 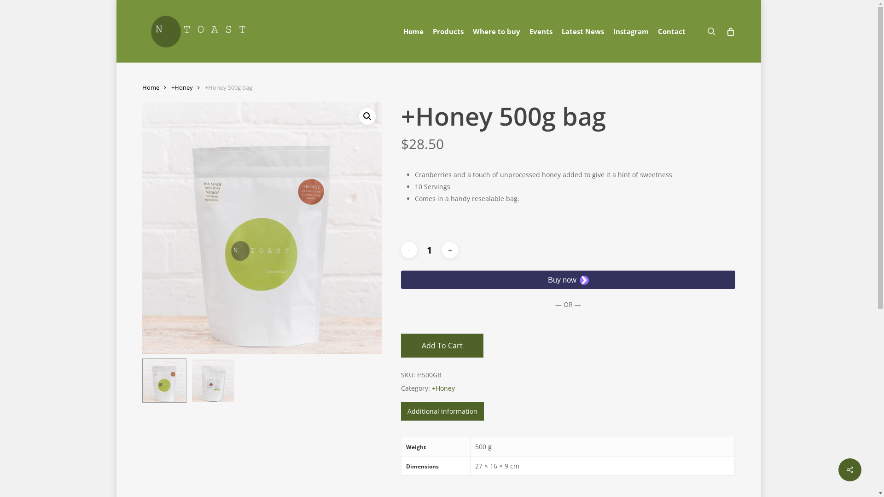 What do you see at coordinates (413, 30) in the screenshot?
I see `'Home'` at bounding box center [413, 30].